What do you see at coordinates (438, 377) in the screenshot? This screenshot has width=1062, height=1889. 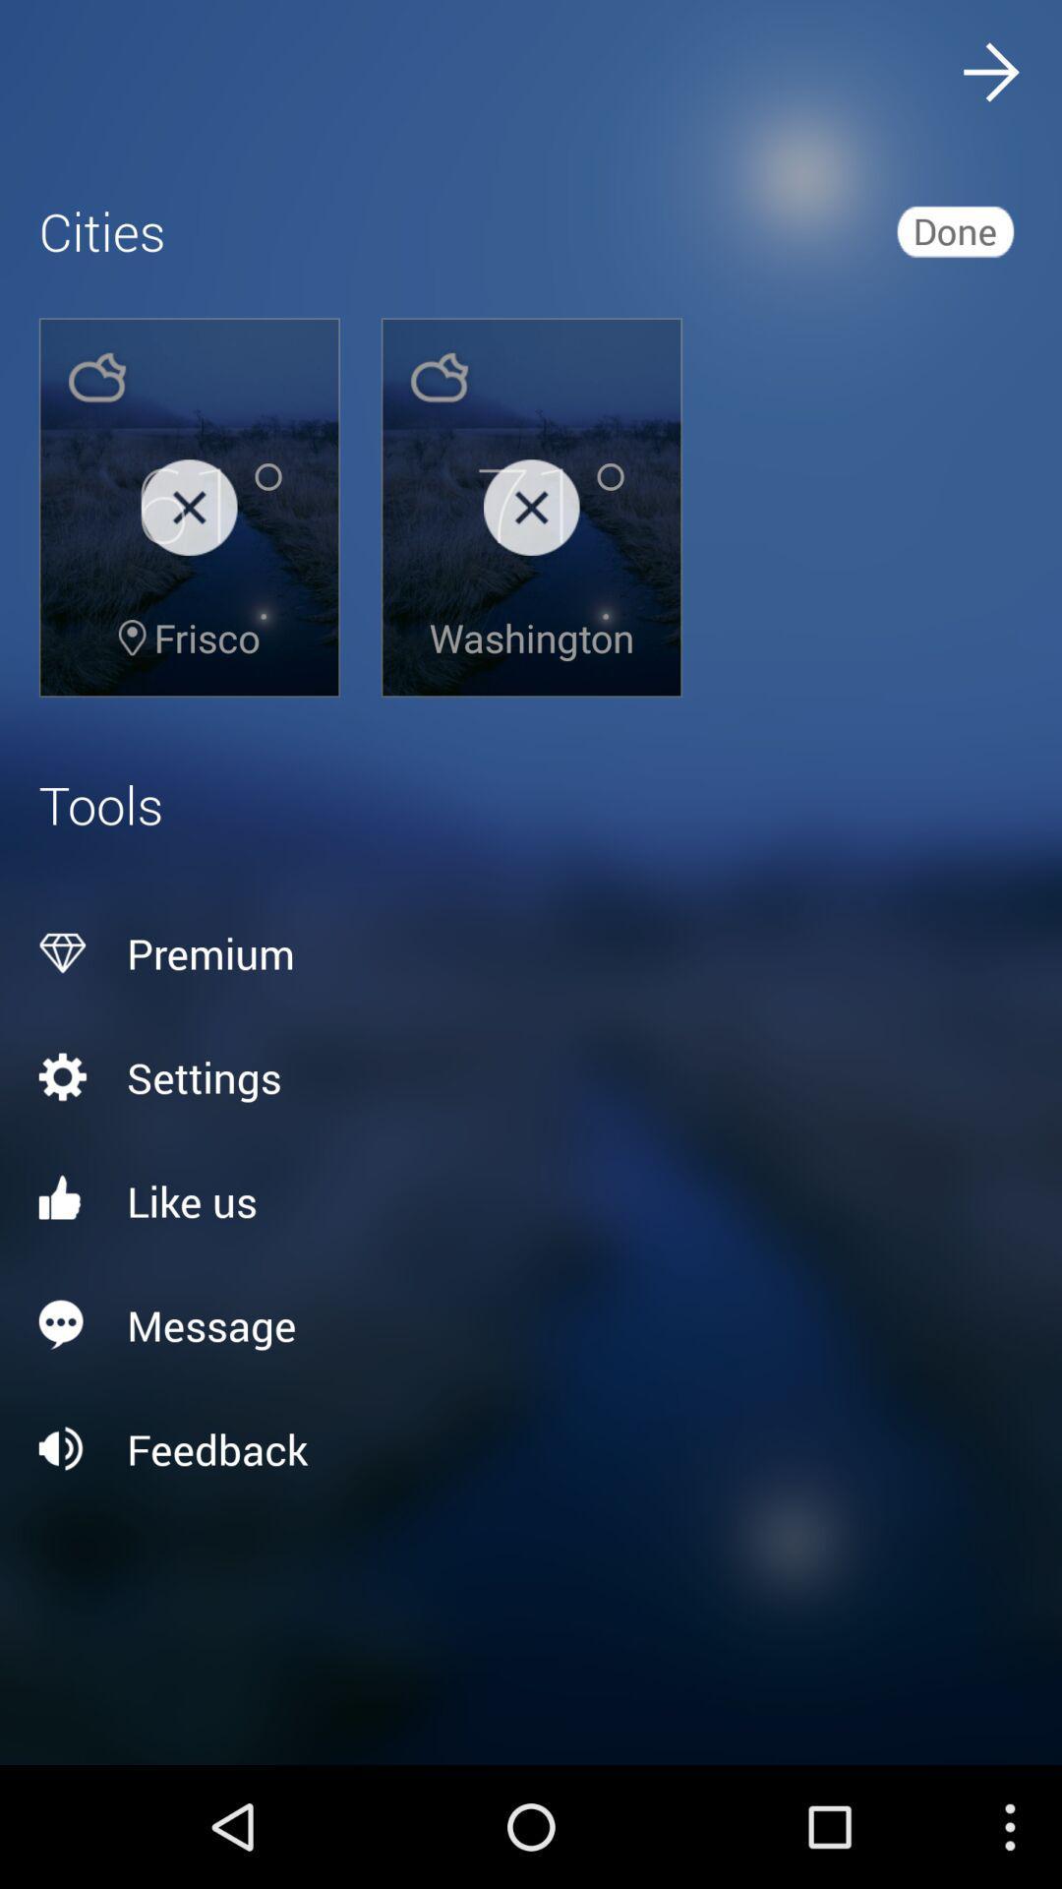 I see `the image above 71 in the second image` at bounding box center [438, 377].